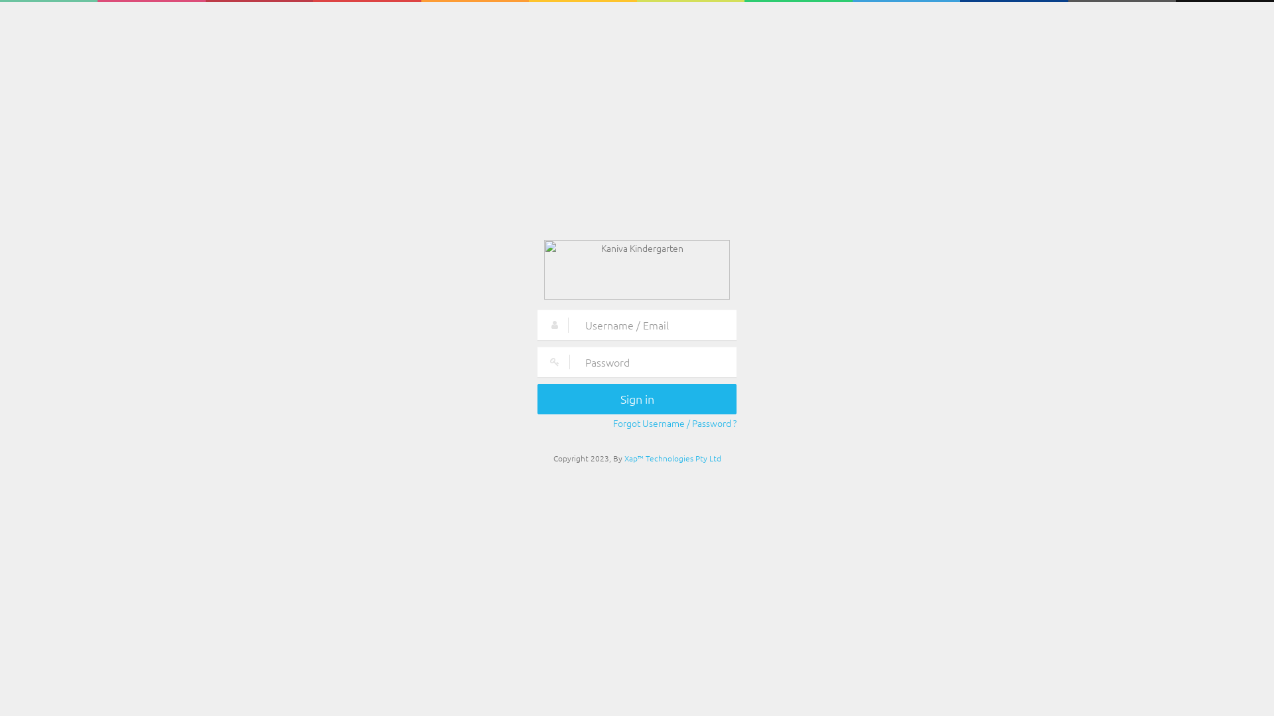 This screenshot has width=1274, height=716. I want to click on 'Forgot Username / Password ?', so click(675, 422).